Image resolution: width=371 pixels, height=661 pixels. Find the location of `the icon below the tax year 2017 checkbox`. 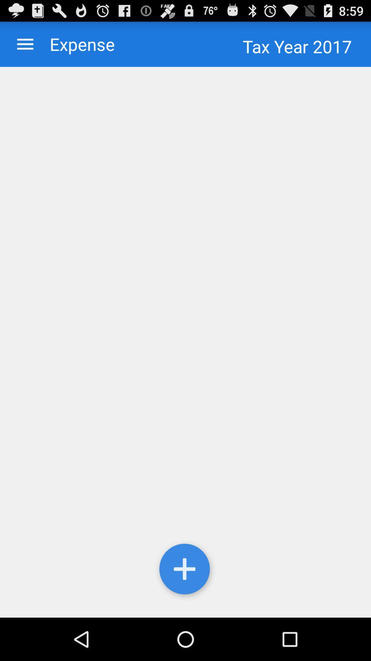

the icon below the tax year 2017 checkbox is located at coordinates (185, 342).